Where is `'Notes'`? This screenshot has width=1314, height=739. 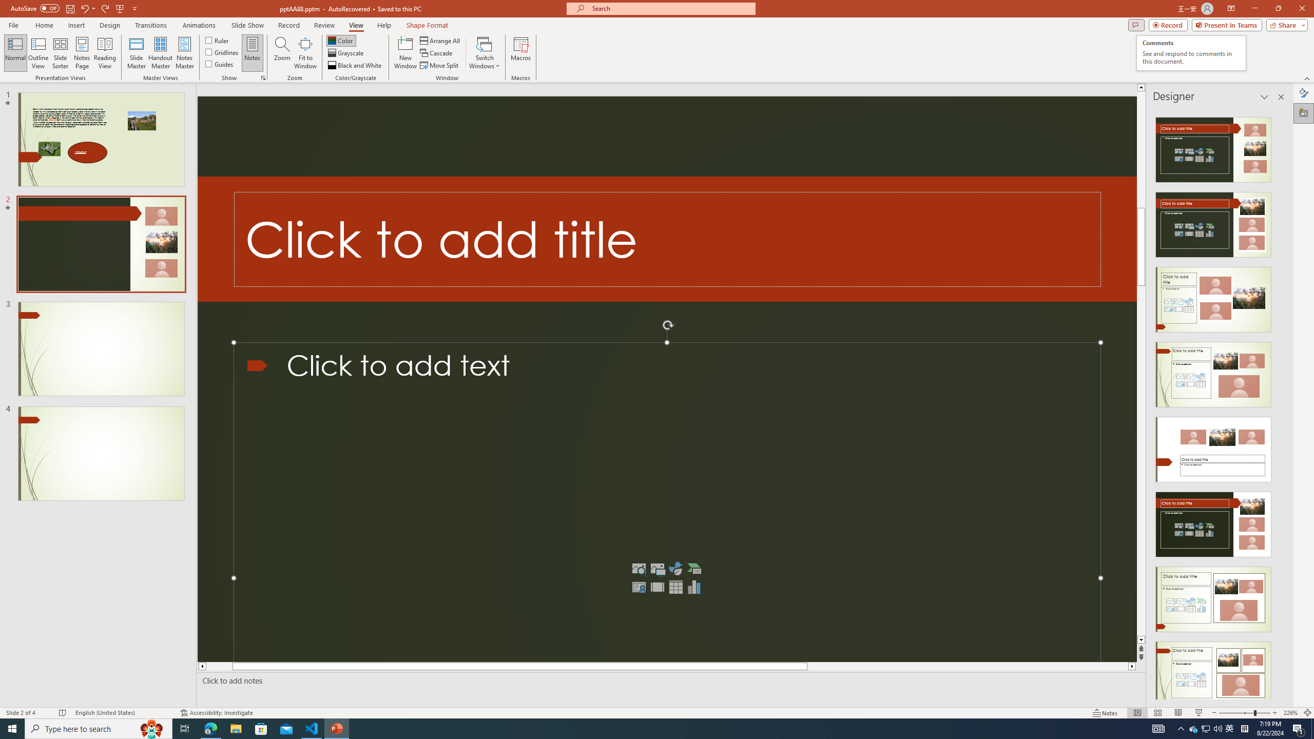 'Notes' is located at coordinates (252, 53).